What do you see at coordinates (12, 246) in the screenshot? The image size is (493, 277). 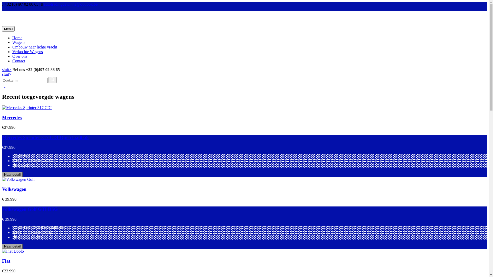 I see `'Naar detail'` at bounding box center [12, 246].